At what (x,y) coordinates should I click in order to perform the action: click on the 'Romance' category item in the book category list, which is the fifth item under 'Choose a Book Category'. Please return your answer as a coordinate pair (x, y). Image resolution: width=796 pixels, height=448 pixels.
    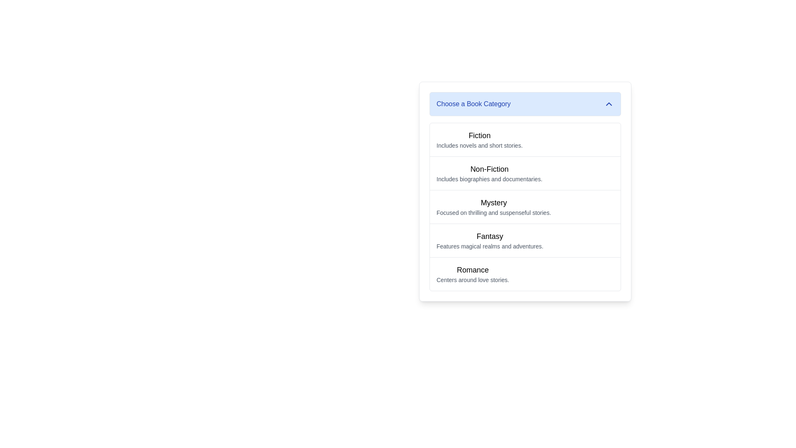
    Looking at the image, I should click on (525, 274).